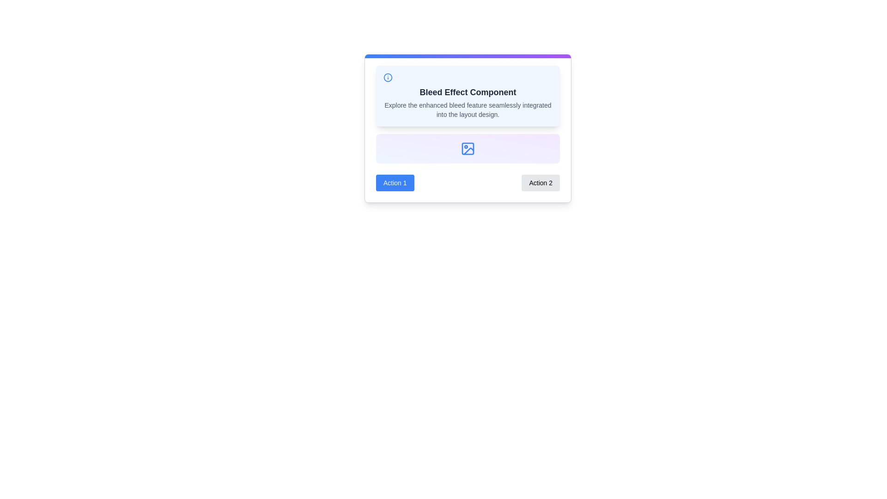  What do you see at coordinates (541, 183) in the screenshot?
I see `the interactive button located at the bottom-right side of the card-like layout` at bounding box center [541, 183].